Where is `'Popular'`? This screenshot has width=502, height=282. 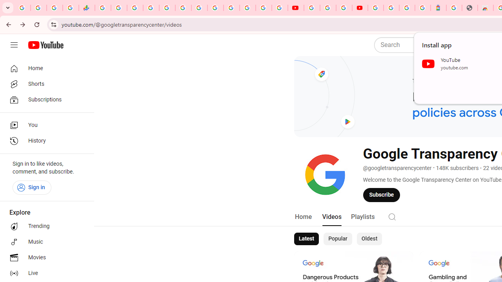 'Popular' is located at coordinates (338, 238).